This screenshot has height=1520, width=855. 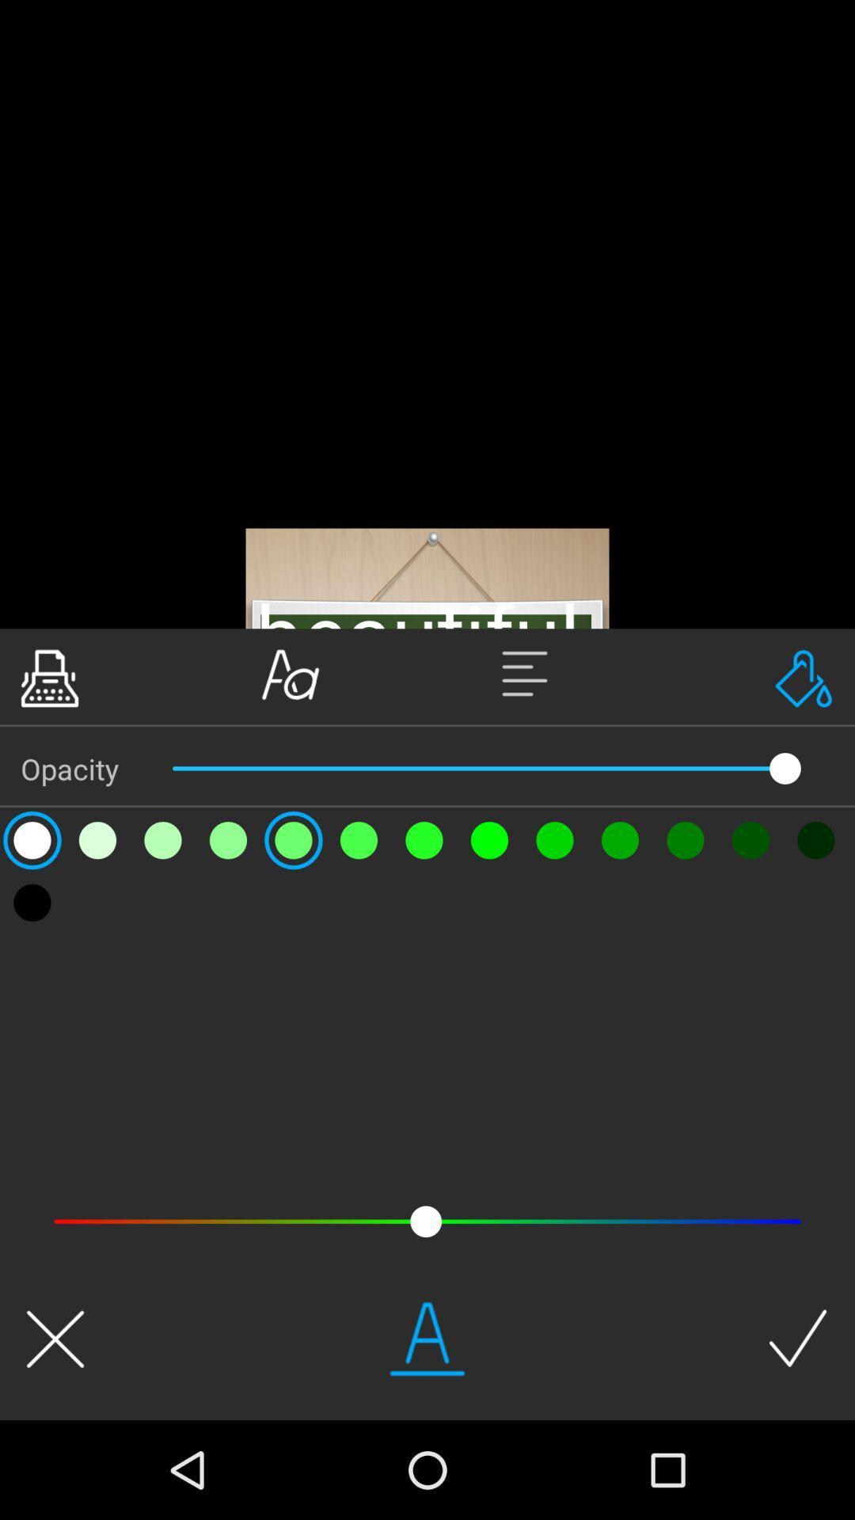 I want to click on the menu icon, so click(x=547, y=674).